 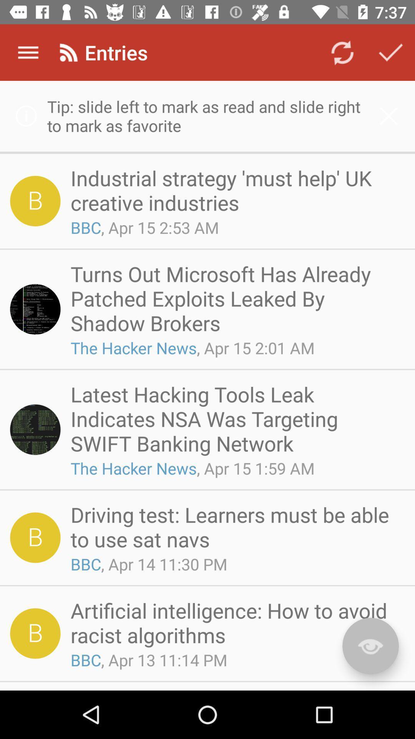 What do you see at coordinates (207, 115) in the screenshot?
I see `the tip slide left icon` at bounding box center [207, 115].